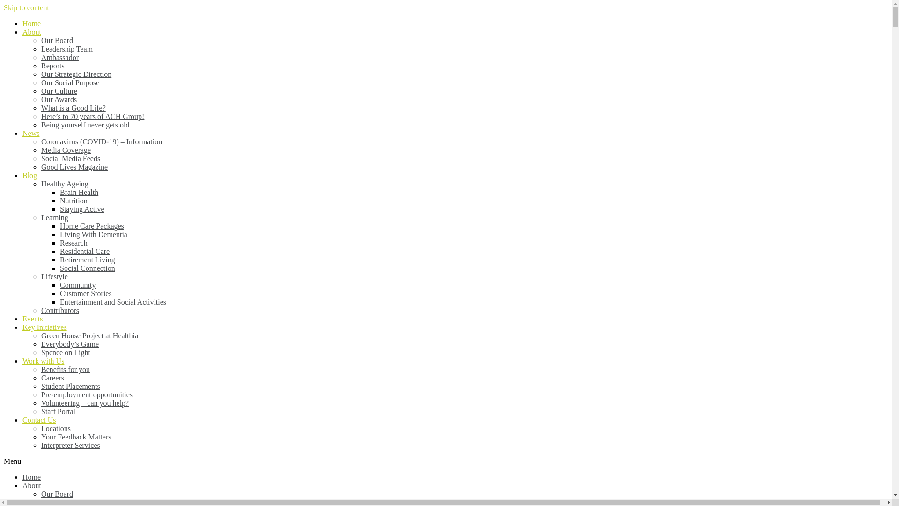 Image resolution: width=899 pixels, height=506 pixels. I want to click on 'Our Strategic Direction', so click(76, 74).